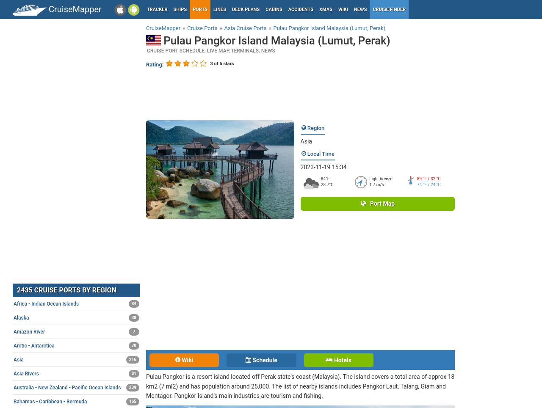 Image resolution: width=542 pixels, height=408 pixels. Describe the element at coordinates (186, 360) in the screenshot. I see `'Wiki'` at that location.